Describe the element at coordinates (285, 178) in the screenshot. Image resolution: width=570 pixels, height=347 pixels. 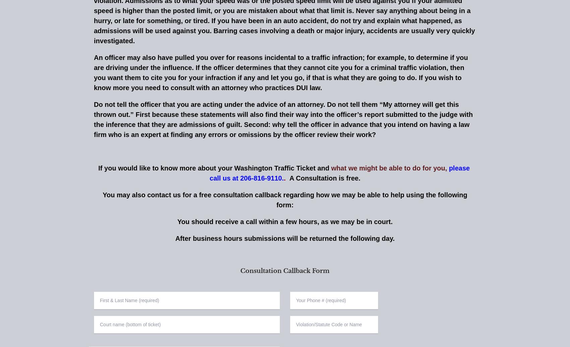
I see `'.'` at that location.